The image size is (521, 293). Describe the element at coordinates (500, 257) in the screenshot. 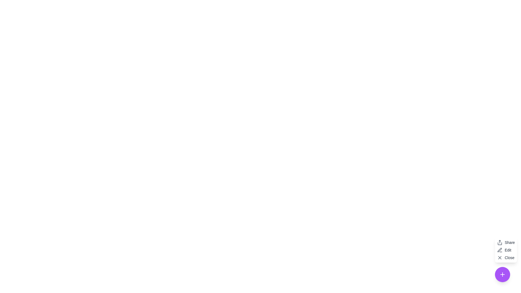

I see `the small, stylized 'X' icon located in the bottom right corner of the interface above the '+' button` at that location.